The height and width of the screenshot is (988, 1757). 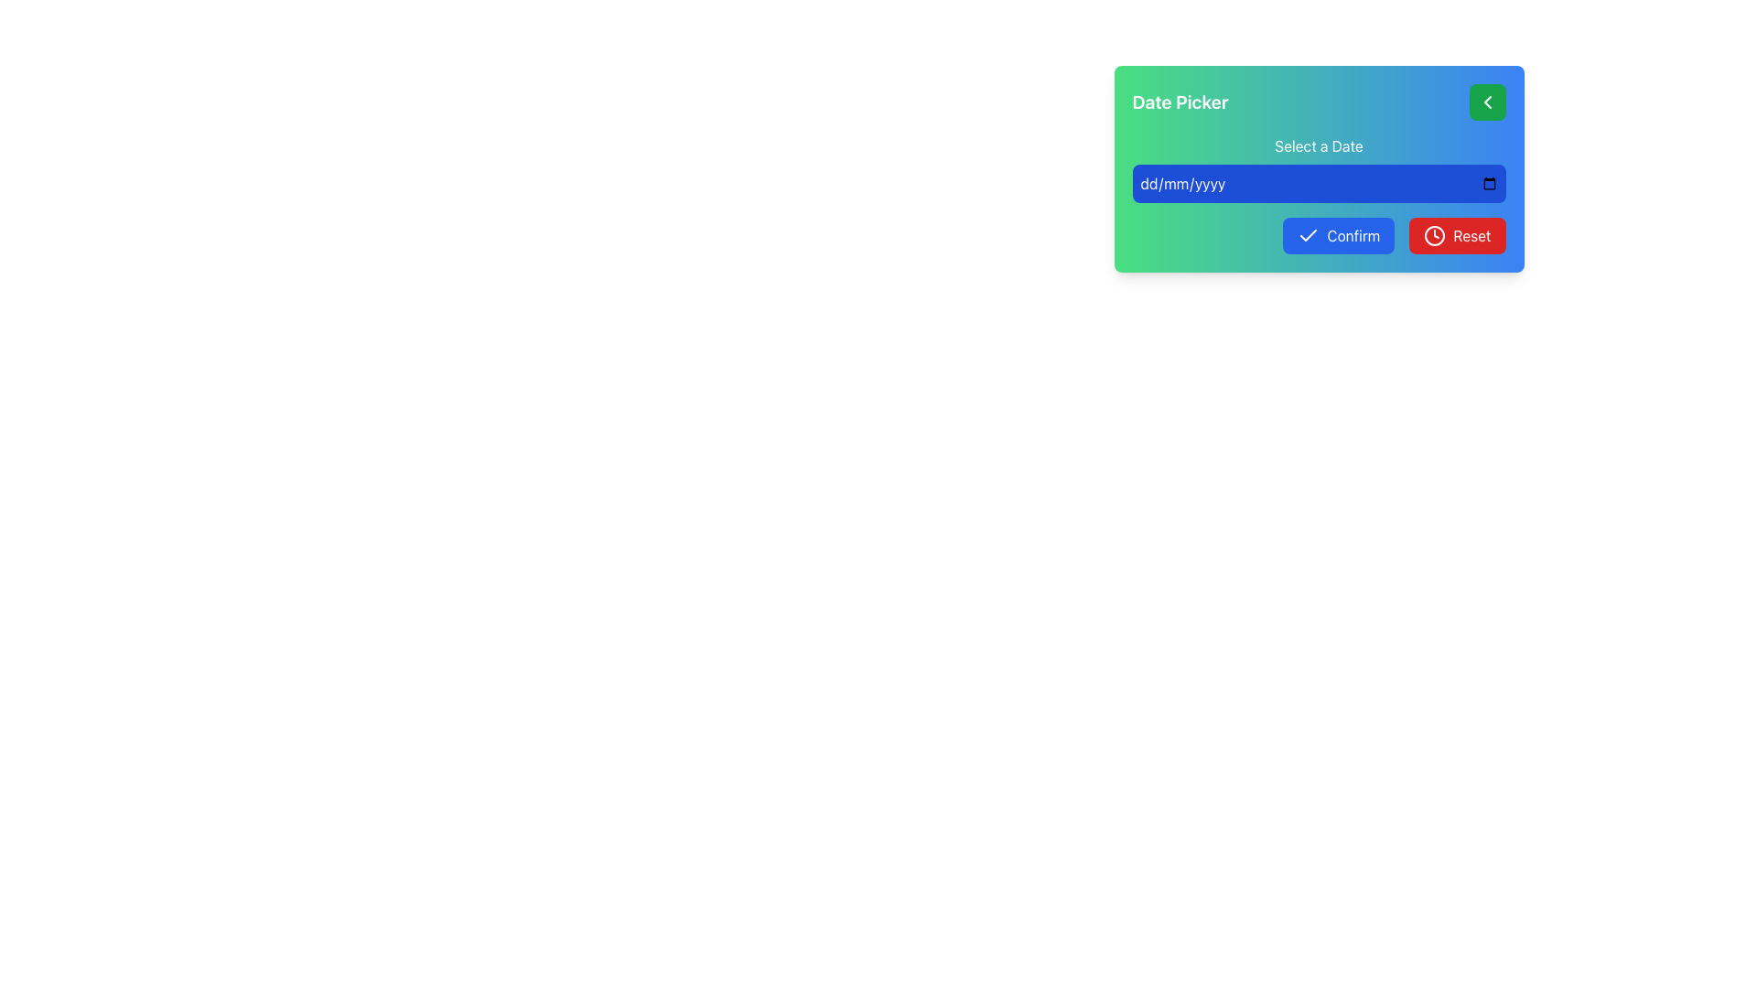 What do you see at coordinates (1308, 235) in the screenshot?
I see `the checkmark icon located to the left of the 'Confirm' text within the blue 'Confirm' button in the date picker interface` at bounding box center [1308, 235].